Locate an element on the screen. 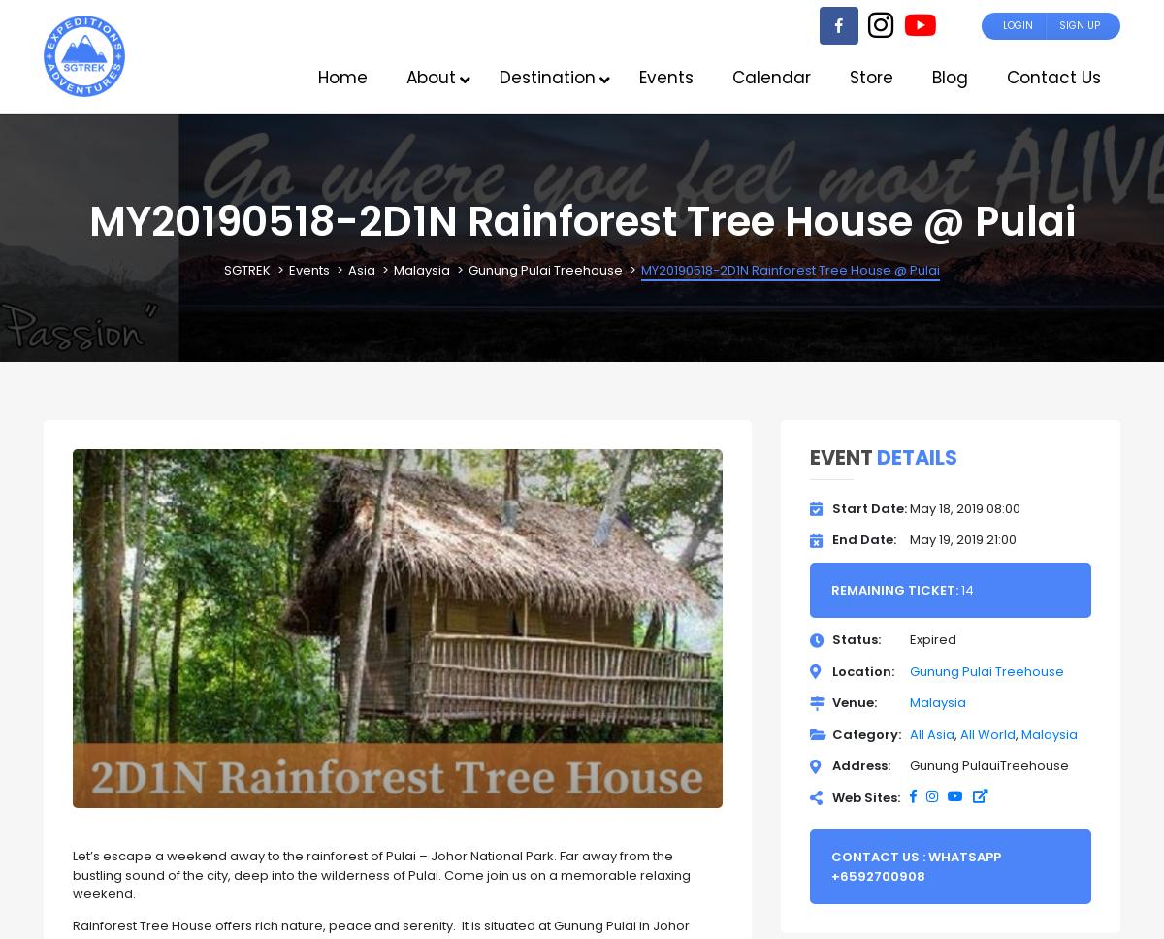  'All Asia' is located at coordinates (931, 733).